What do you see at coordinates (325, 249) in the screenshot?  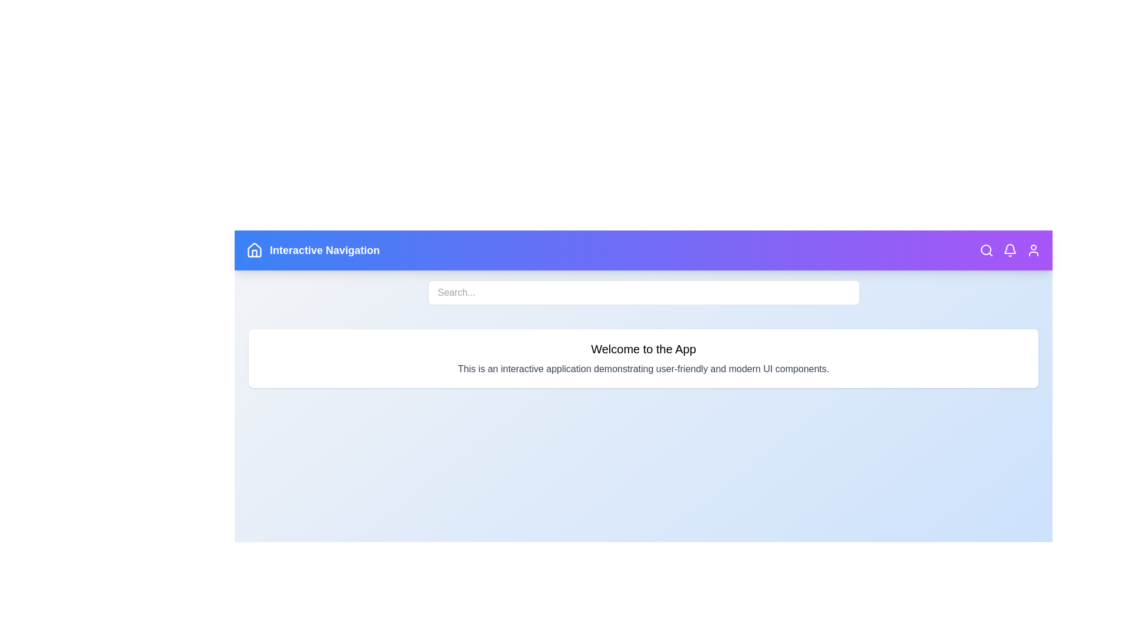 I see `the header text labeled 'Interactive Navigation' to highlight it` at bounding box center [325, 249].